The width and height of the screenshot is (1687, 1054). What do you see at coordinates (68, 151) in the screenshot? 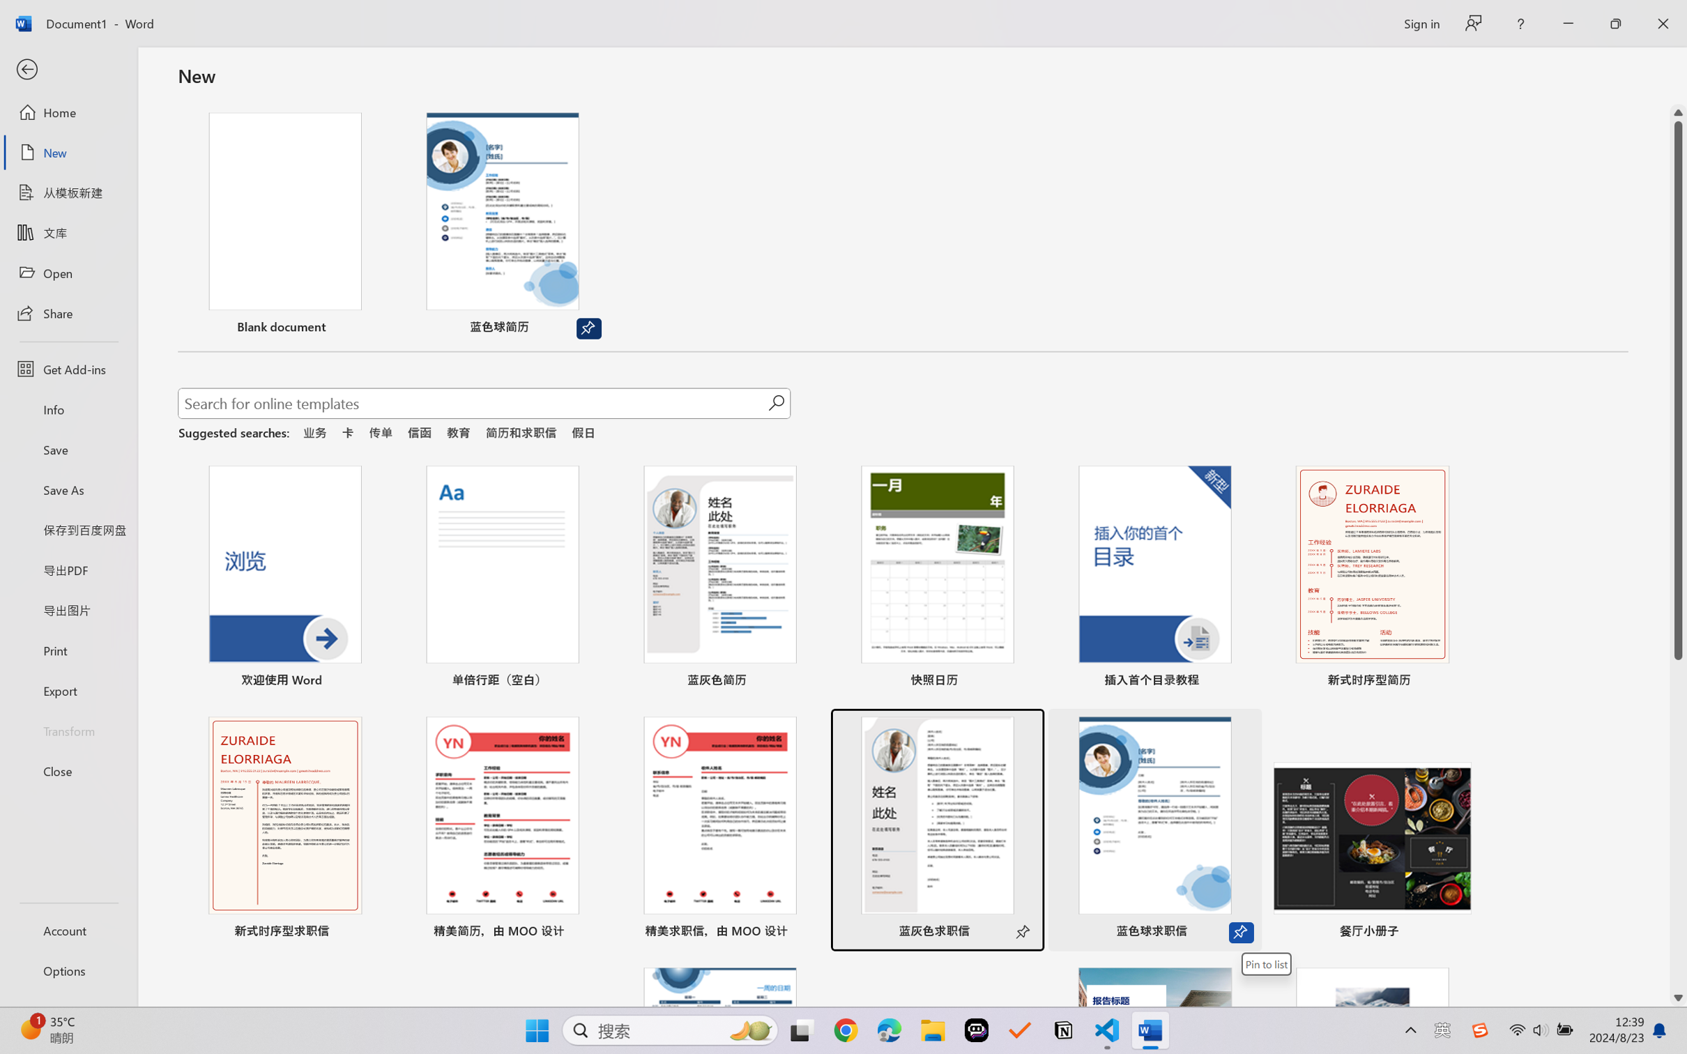
I see `'New'` at bounding box center [68, 151].